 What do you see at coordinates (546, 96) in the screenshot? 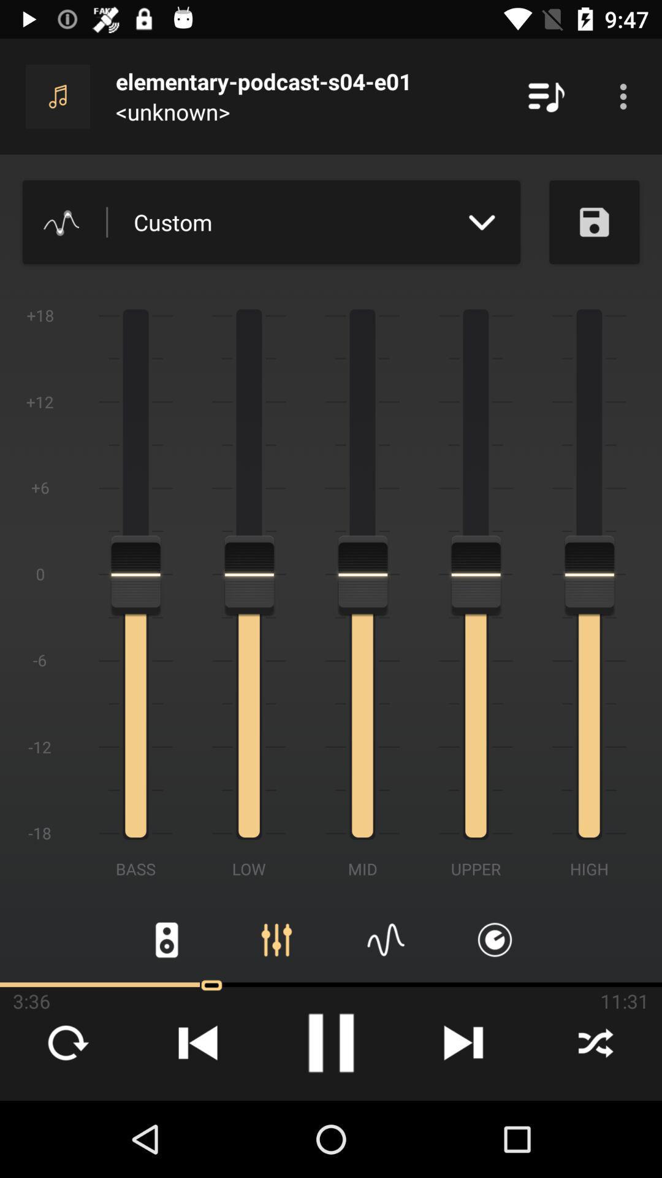
I see `the playlist icon` at bounding box center [546, 96].